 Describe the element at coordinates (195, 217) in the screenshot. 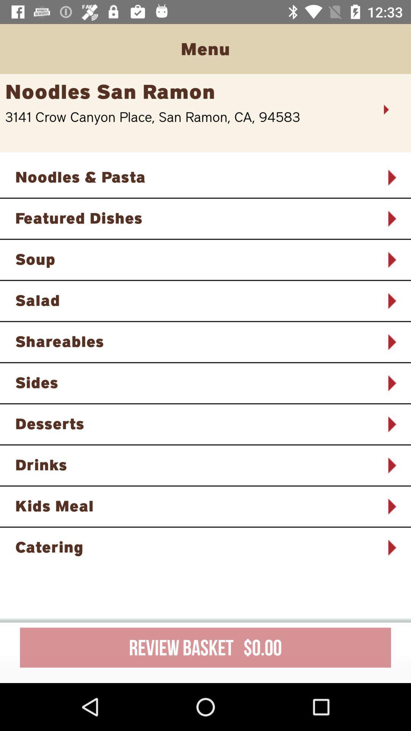

I see `the icon above soup  item` at that location.